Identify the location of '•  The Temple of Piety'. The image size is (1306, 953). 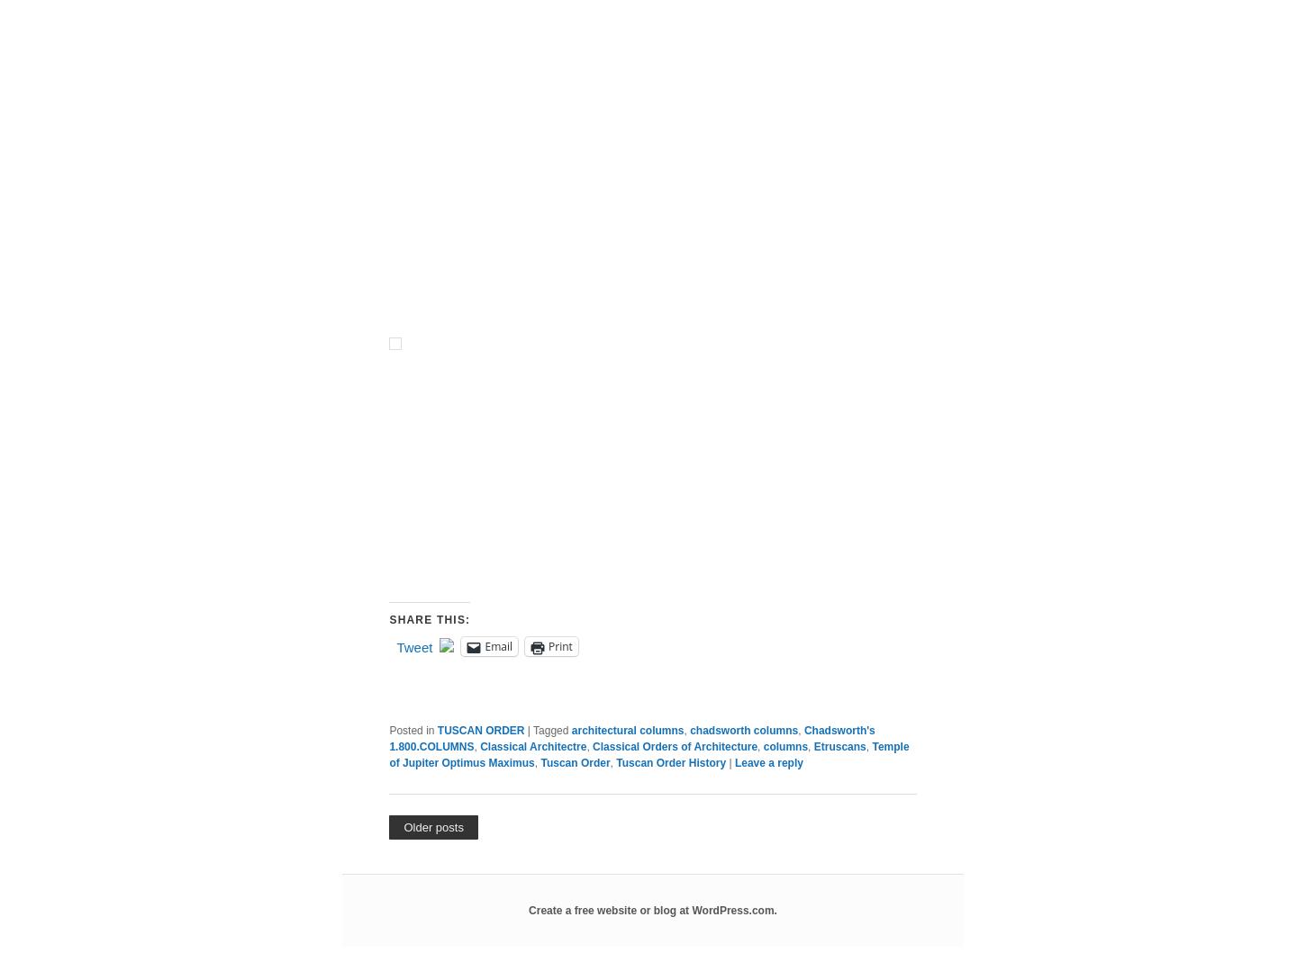
(455, 595).